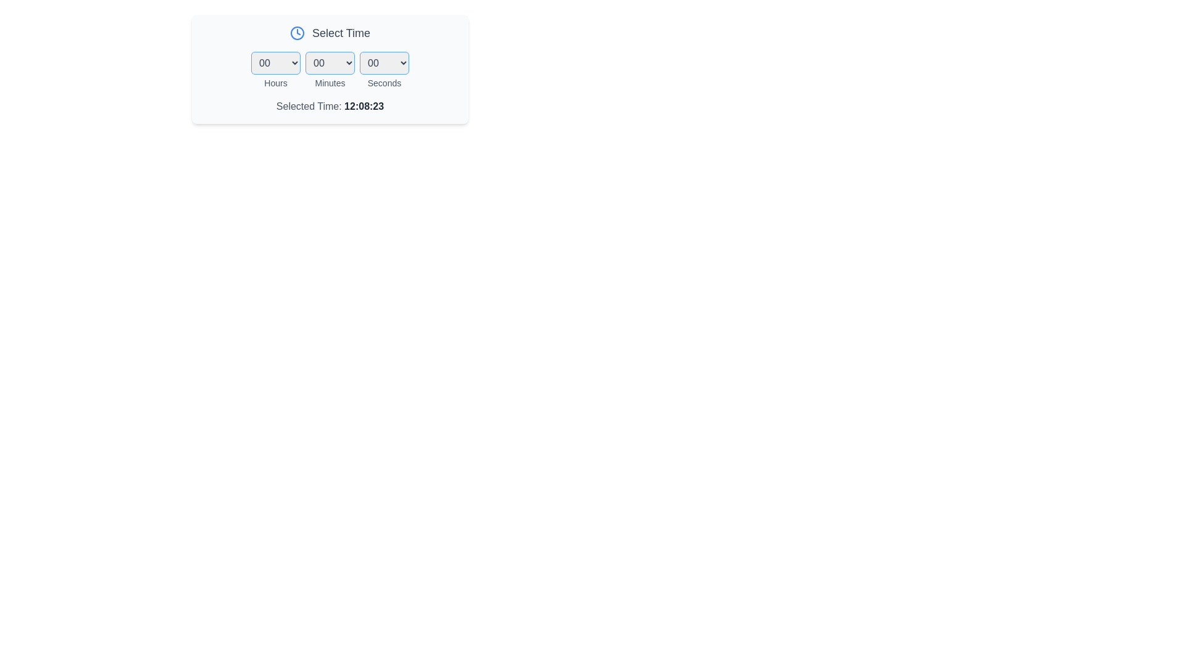  Describe the element at coordinates (384, 83) in the screenshot. I see `the 'Seconds' text label, which is styled in a small muted gray font and located beneath the seconds dropdown in the time selection widget` at that location.